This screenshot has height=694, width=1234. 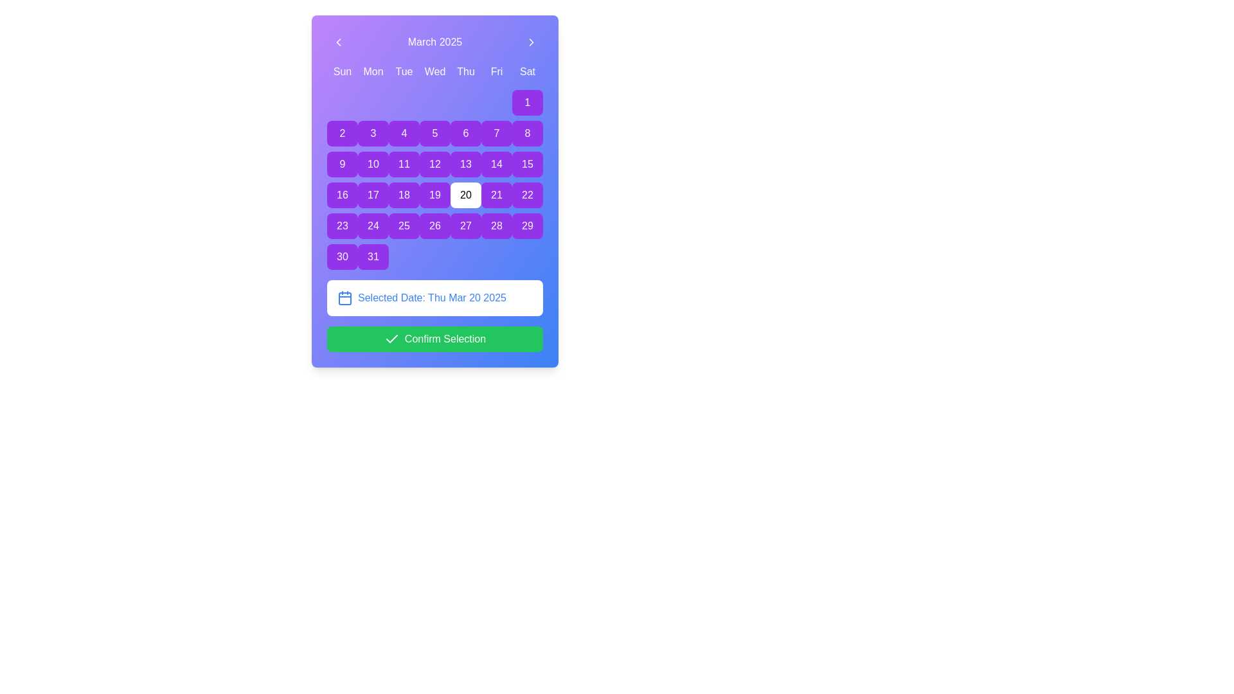 What do you see at coordinates (434, 71) in the screenshot?
I see `the Text header row for the calendar grid indicating the days of the week, located below 'March 2025'` at bounding box center [434, 71].